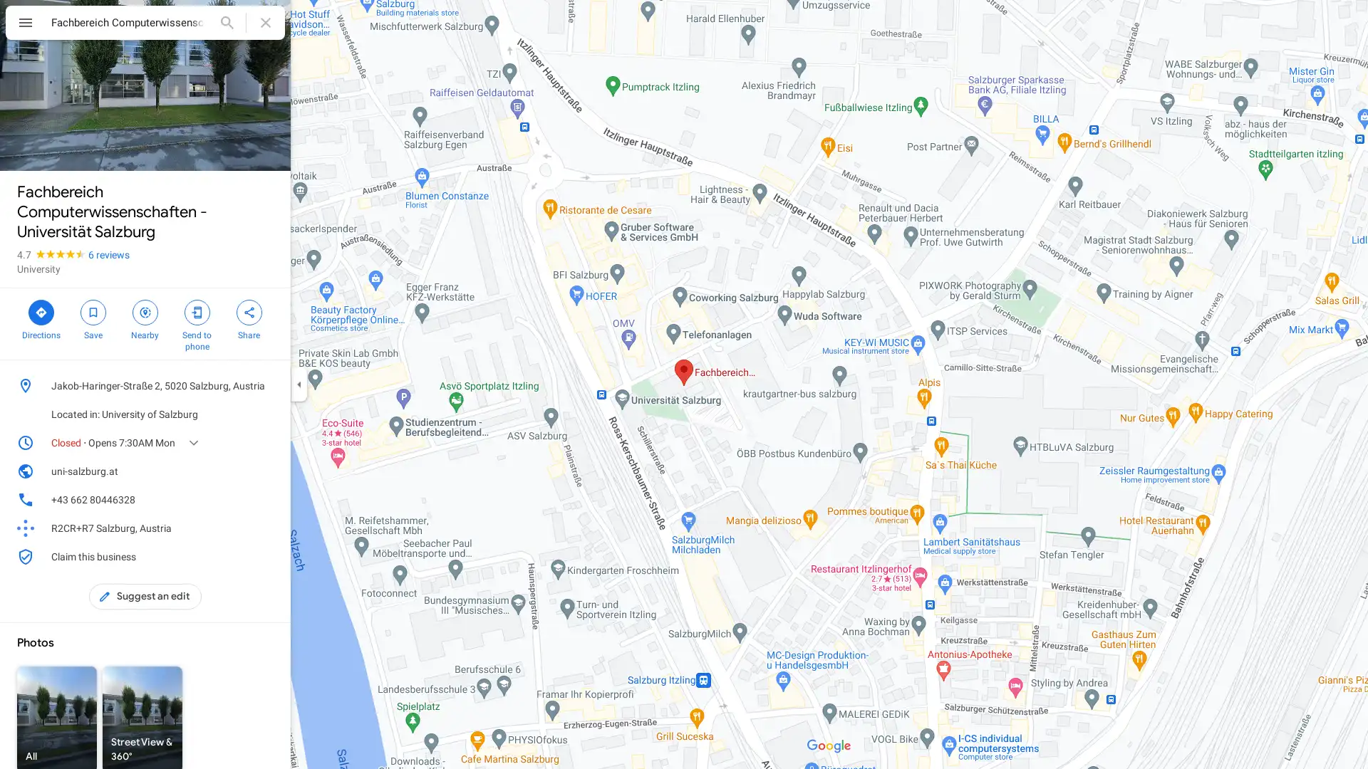  Describe the element at coordinates (25, 24) in the screenshot. I see `Menu` at that location.